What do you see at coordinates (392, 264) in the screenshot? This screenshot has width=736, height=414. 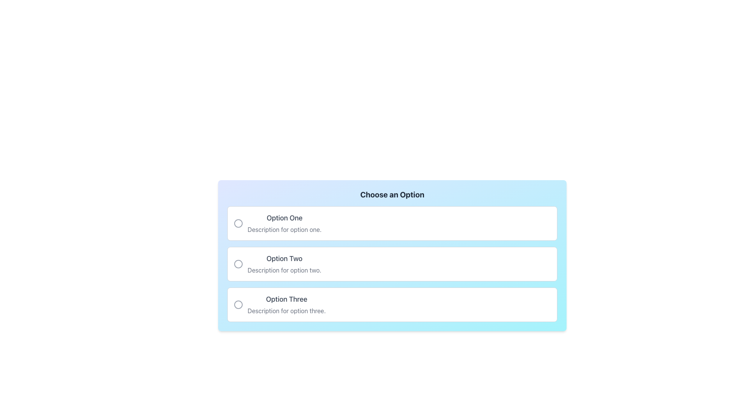 I see `the 'Option Two' selectable option, which is styled with rounded corners and contains a bold dark gray title and a lighter gray subtitle` at bounding box center [392, 264].